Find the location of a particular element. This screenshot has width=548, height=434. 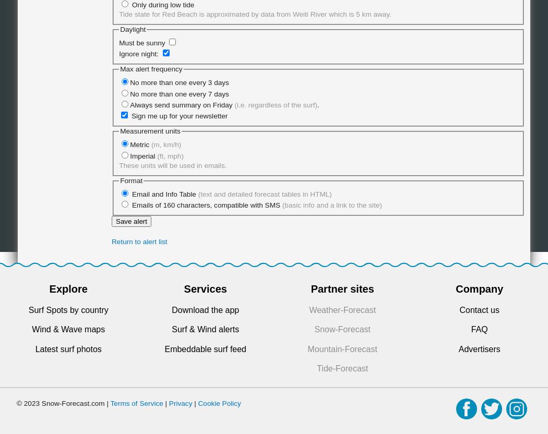

'Partner sites' is located at coordinates (310, 288).